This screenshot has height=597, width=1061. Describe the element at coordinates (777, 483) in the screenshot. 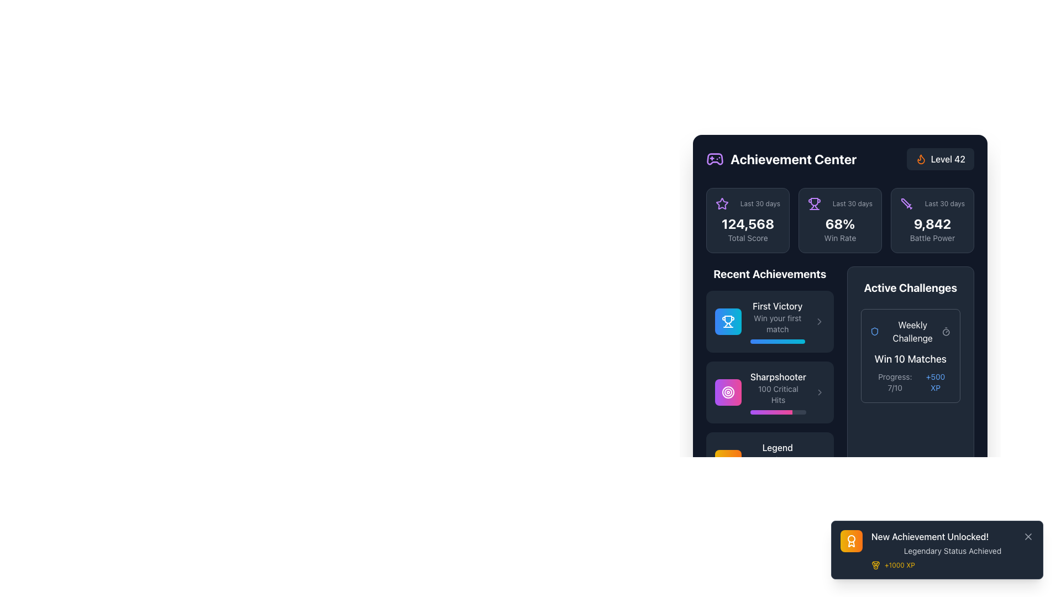

I see `the Progress Bar located at the bottom of the 'Legend' section under 'Recent Achievements', which visually represents progress towards reaching the max level` at that location.